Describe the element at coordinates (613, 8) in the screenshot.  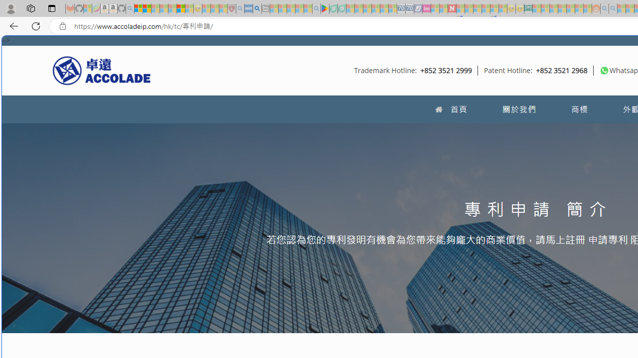
I see `'Utah sues federal government - Search - Sleeping'` at that location.